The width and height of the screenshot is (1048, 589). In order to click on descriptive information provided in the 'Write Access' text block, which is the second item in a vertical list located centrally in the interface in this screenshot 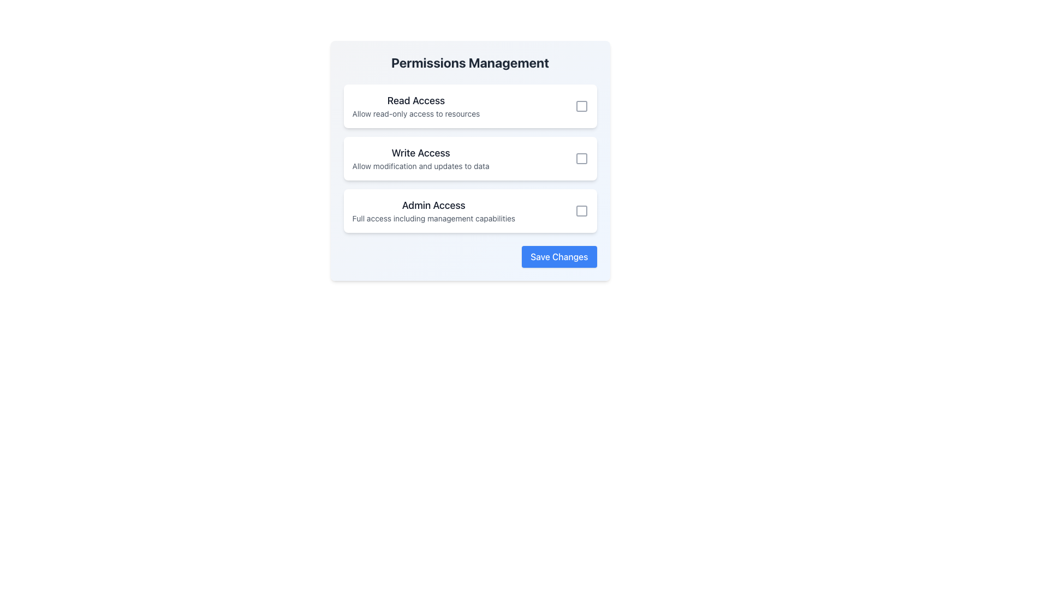, I will do `click(420, 158)`.